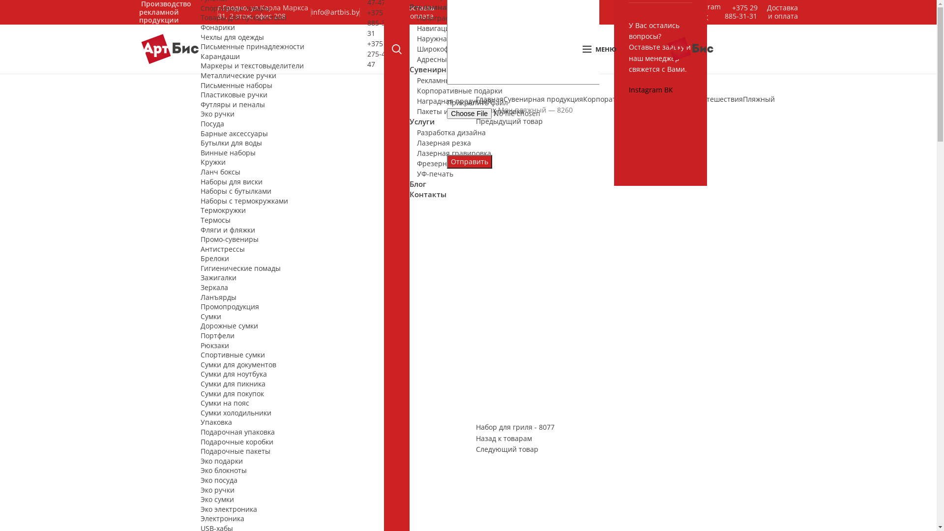 This screenshot has height=531, width=944. What do you see at coordinates (379, 53) in the screenshot?
I see `'+375 29 275-47-47'` at bounding box center [379, 53].